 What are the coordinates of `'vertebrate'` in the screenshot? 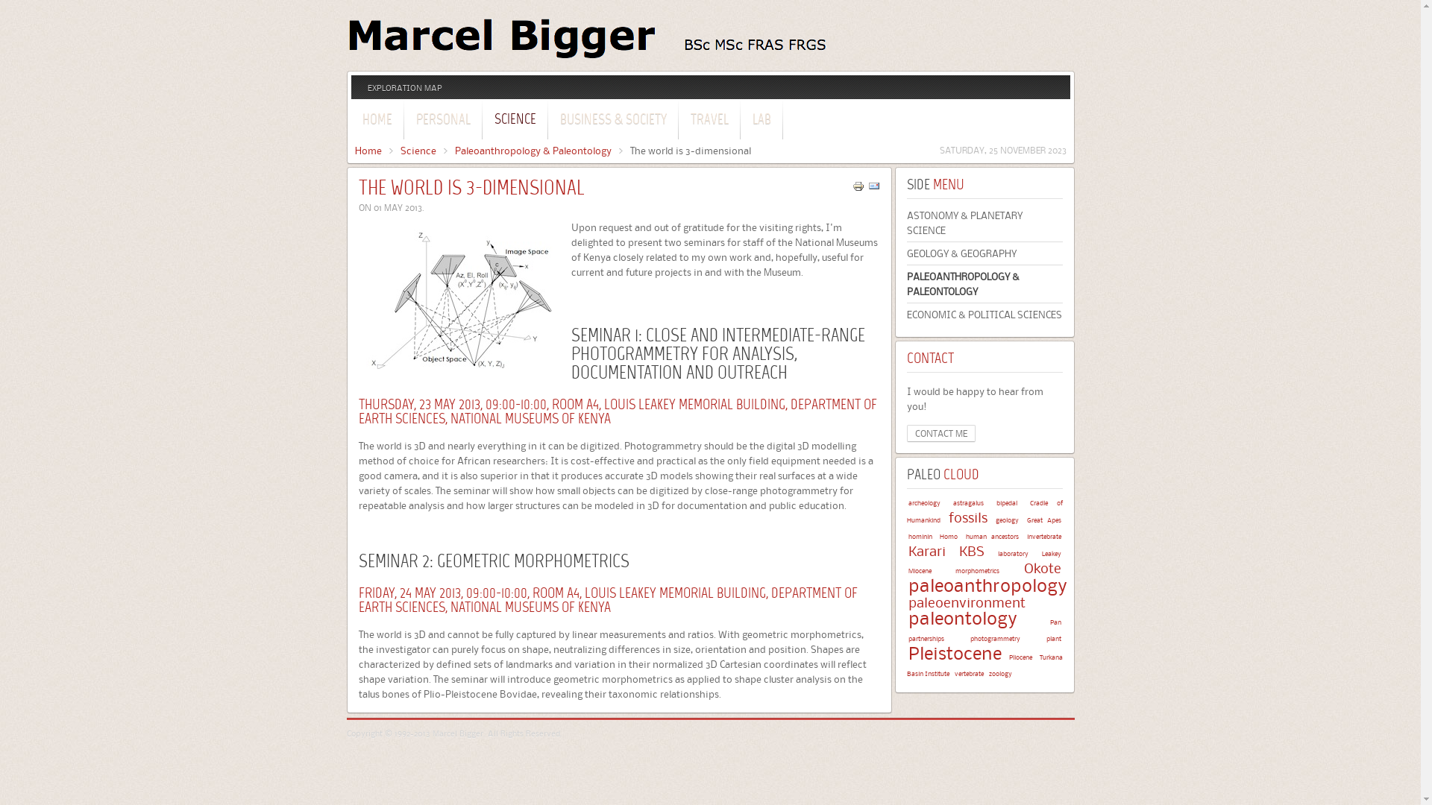 It's located at (969, 673).